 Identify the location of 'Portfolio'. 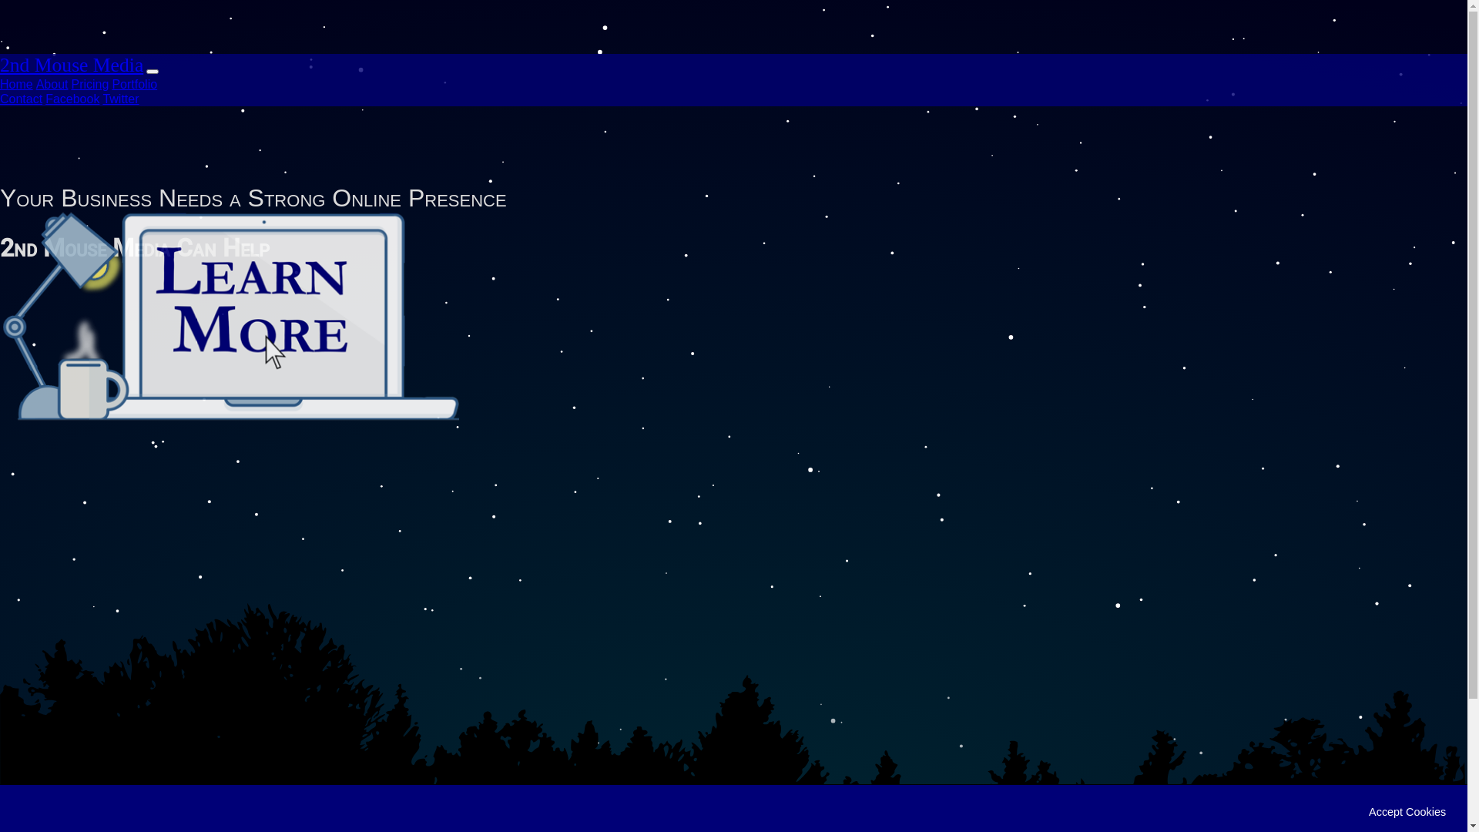
(110, 84).